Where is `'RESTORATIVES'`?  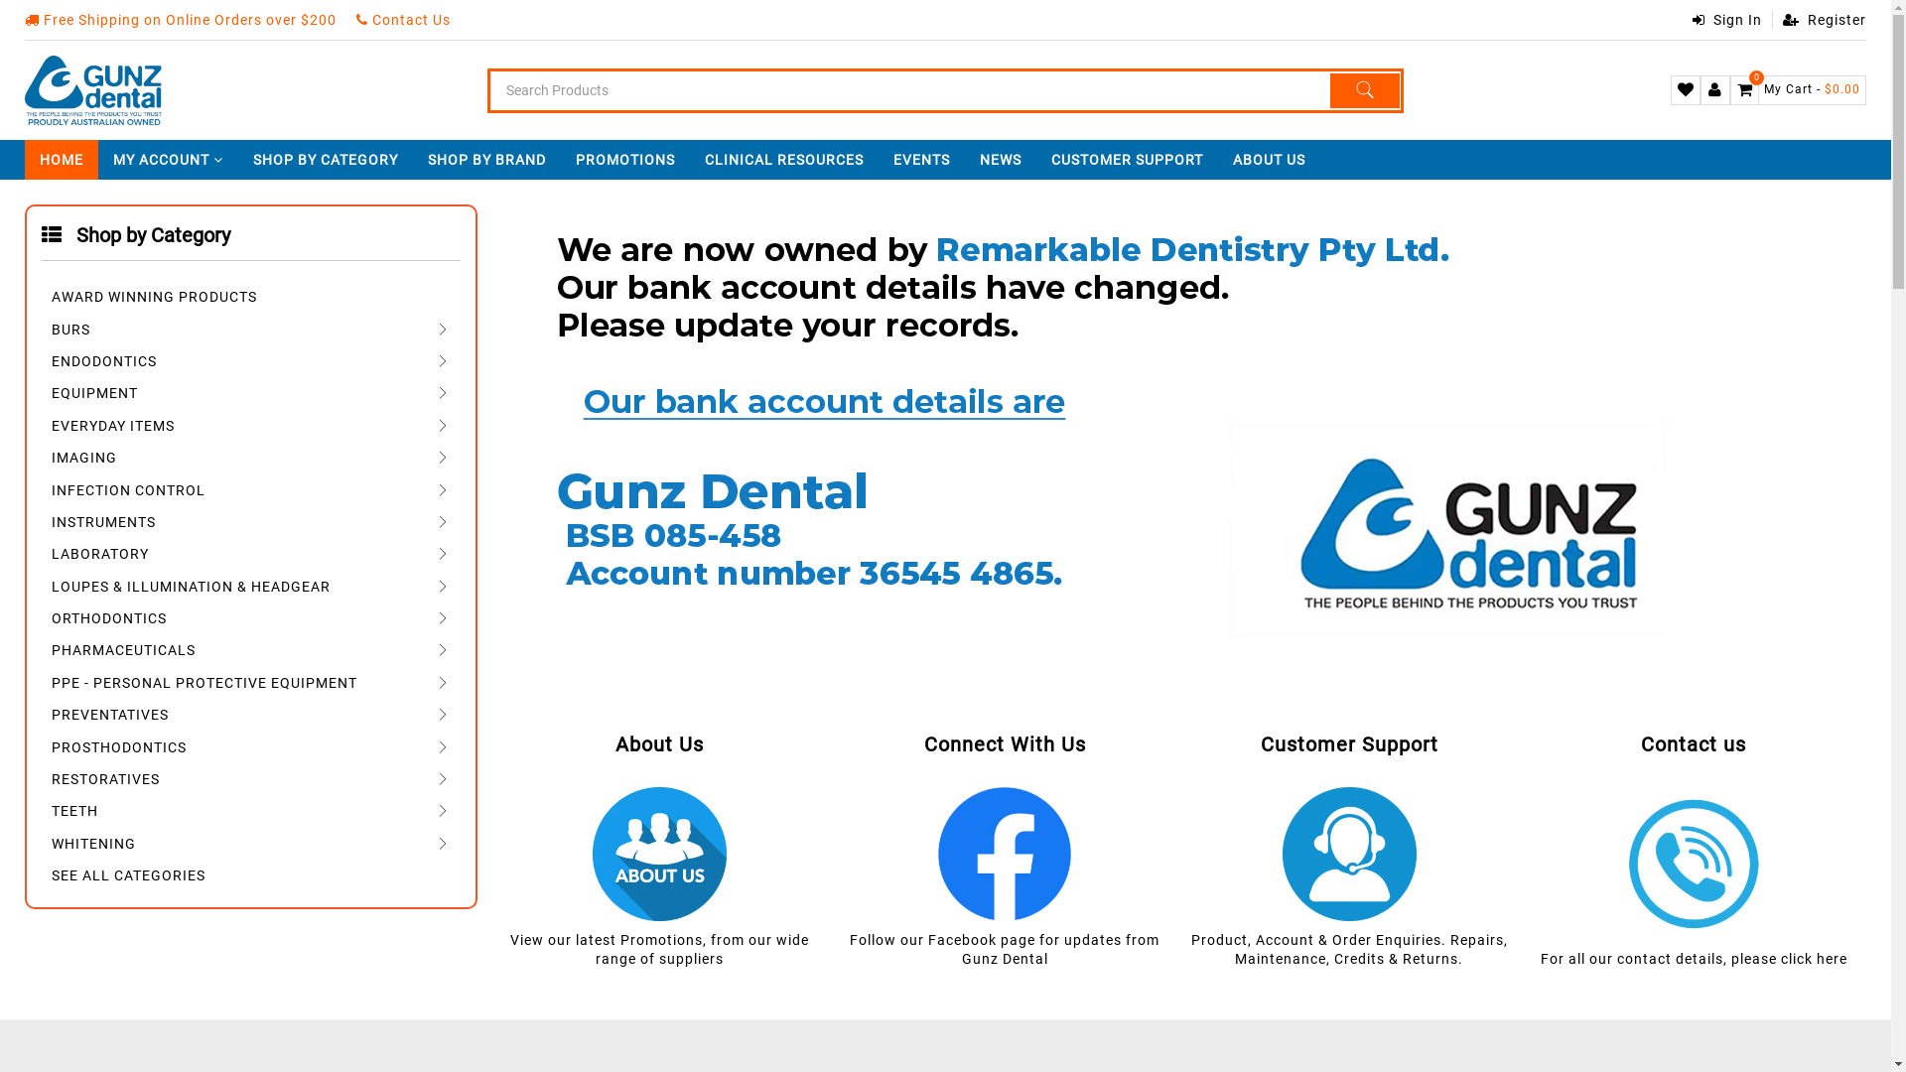
'RESTORATIVES' is located at coordinates (42, 777).